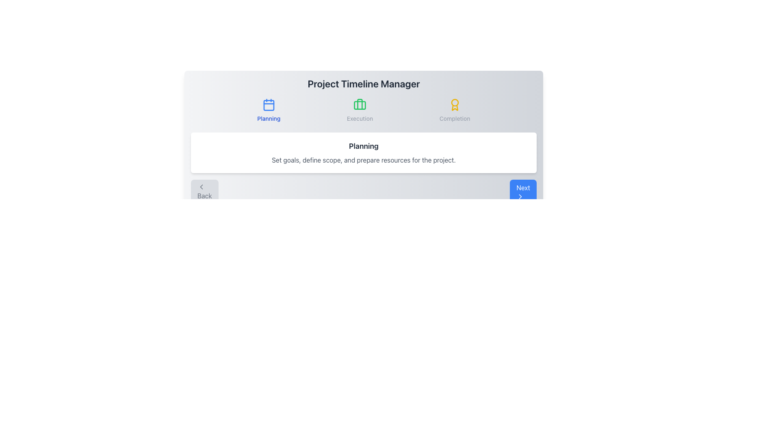 This screenshot has height=439, width=780. Describe the element at coordinates (523, 191) in the screenshot. I see `the 'Next' button with a blue background and white text, which features rounded corners and a white arrow icon, to trigger the hover effect` at that location.